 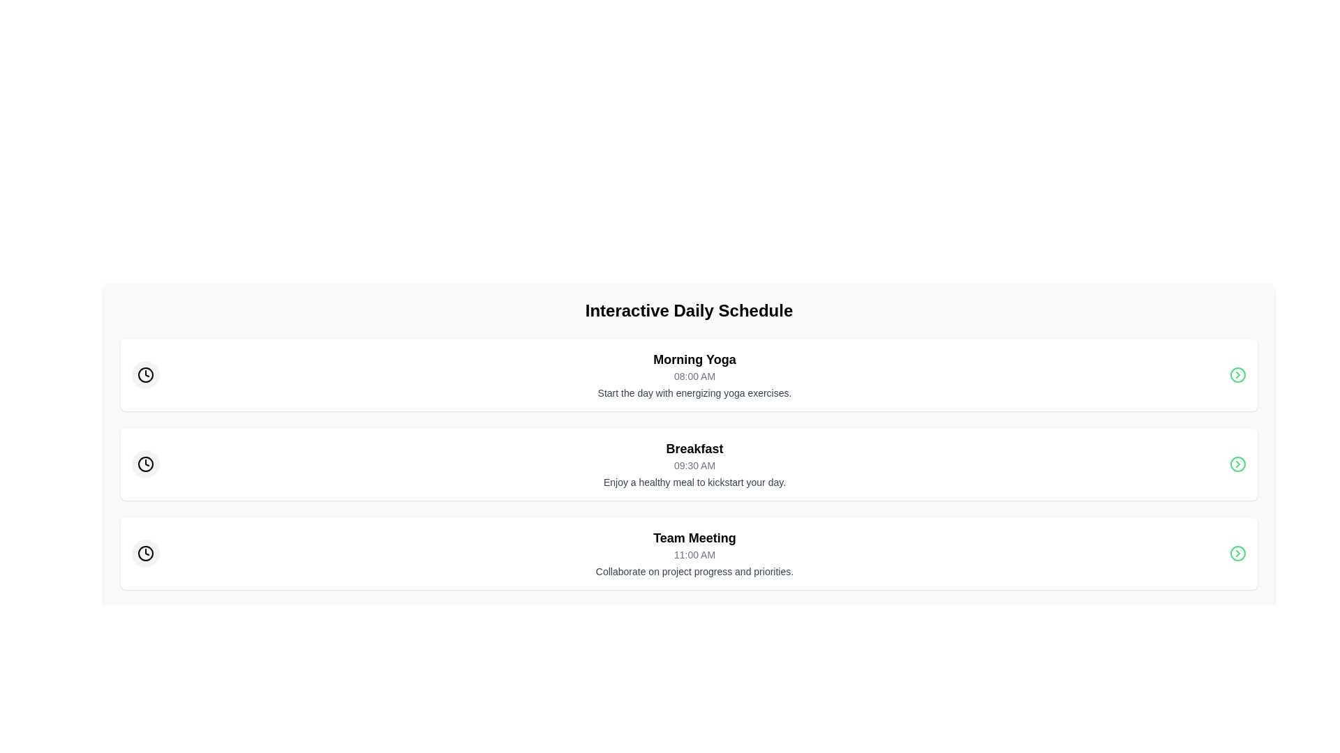 I want to click on the green circular icon with a right-pointing chevron located at the far right of the 'Breakfast' card, so click(x=1238, y=464).